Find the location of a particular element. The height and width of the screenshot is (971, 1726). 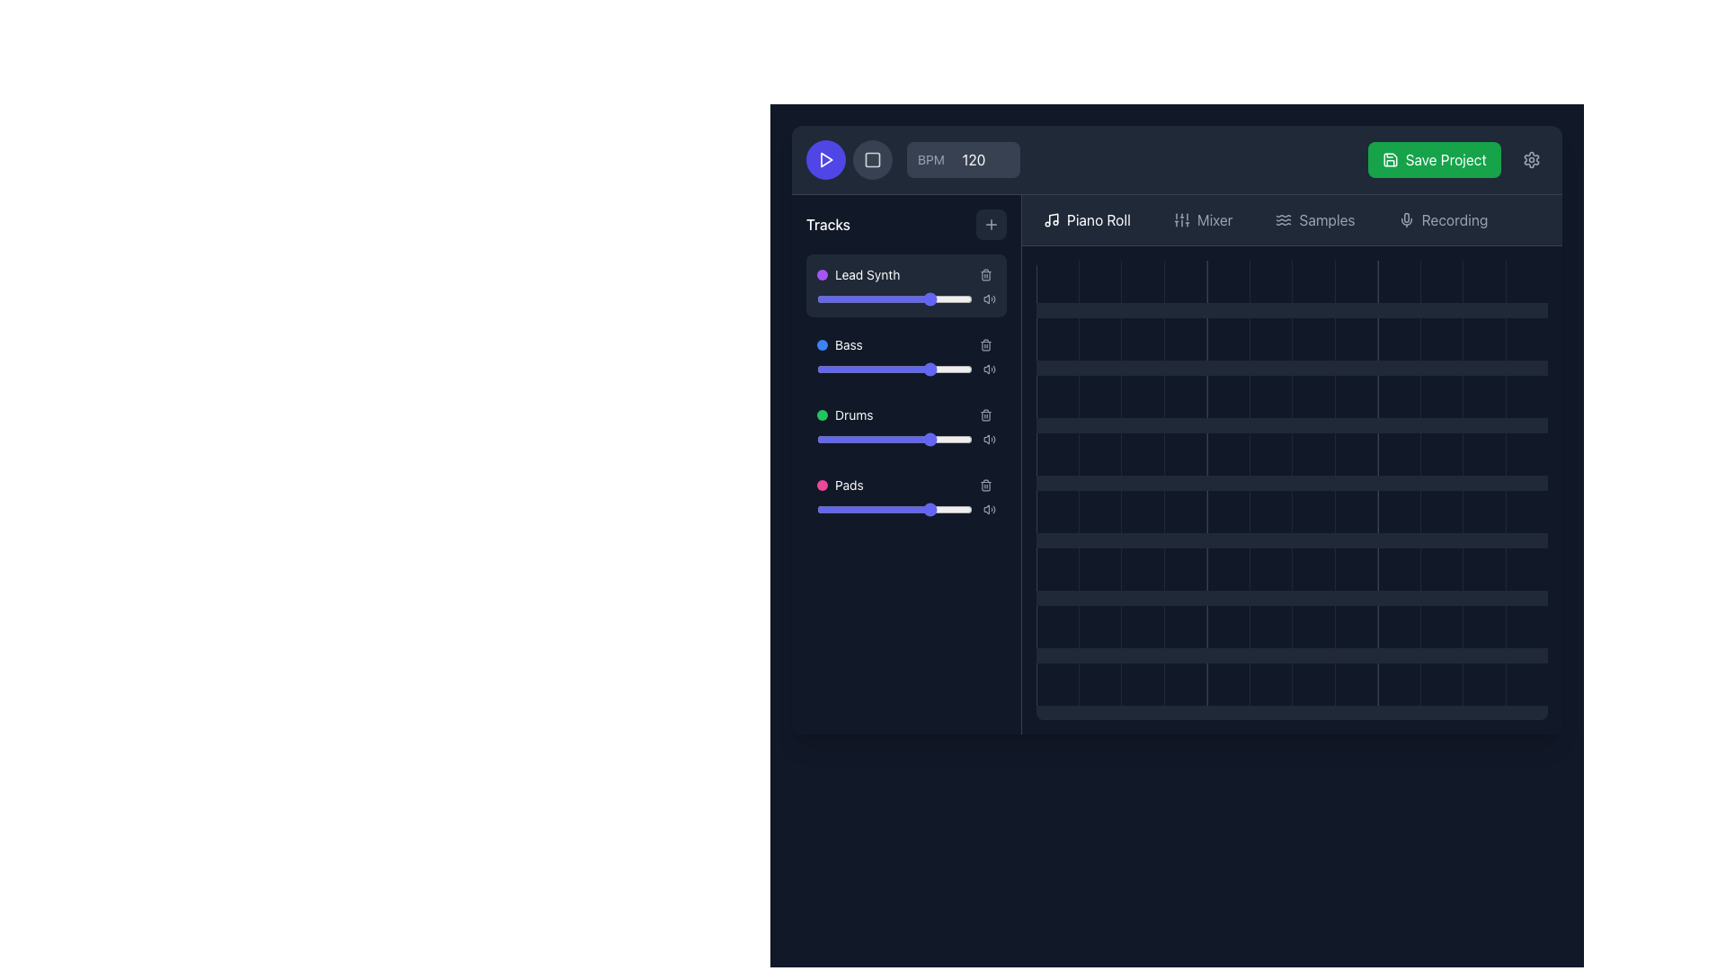

the dark gray grid tile located in the 6th column of the 5th row, which exhibits a subtle transition effect when hovered over is located at coordinates (1227, 626).